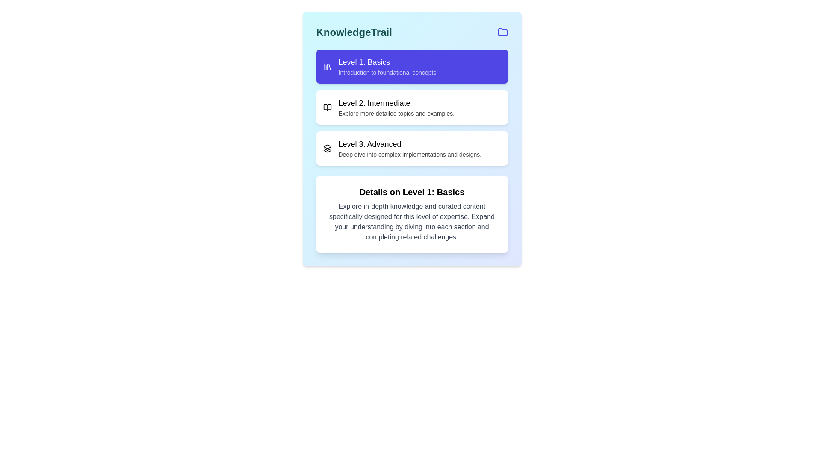 The height and width of the screenshot is (461, 821). Describe the element at coordinates (387, 66) in the screenshot. I see `the text content for the 'Level 1: Basics' topic` at that location.